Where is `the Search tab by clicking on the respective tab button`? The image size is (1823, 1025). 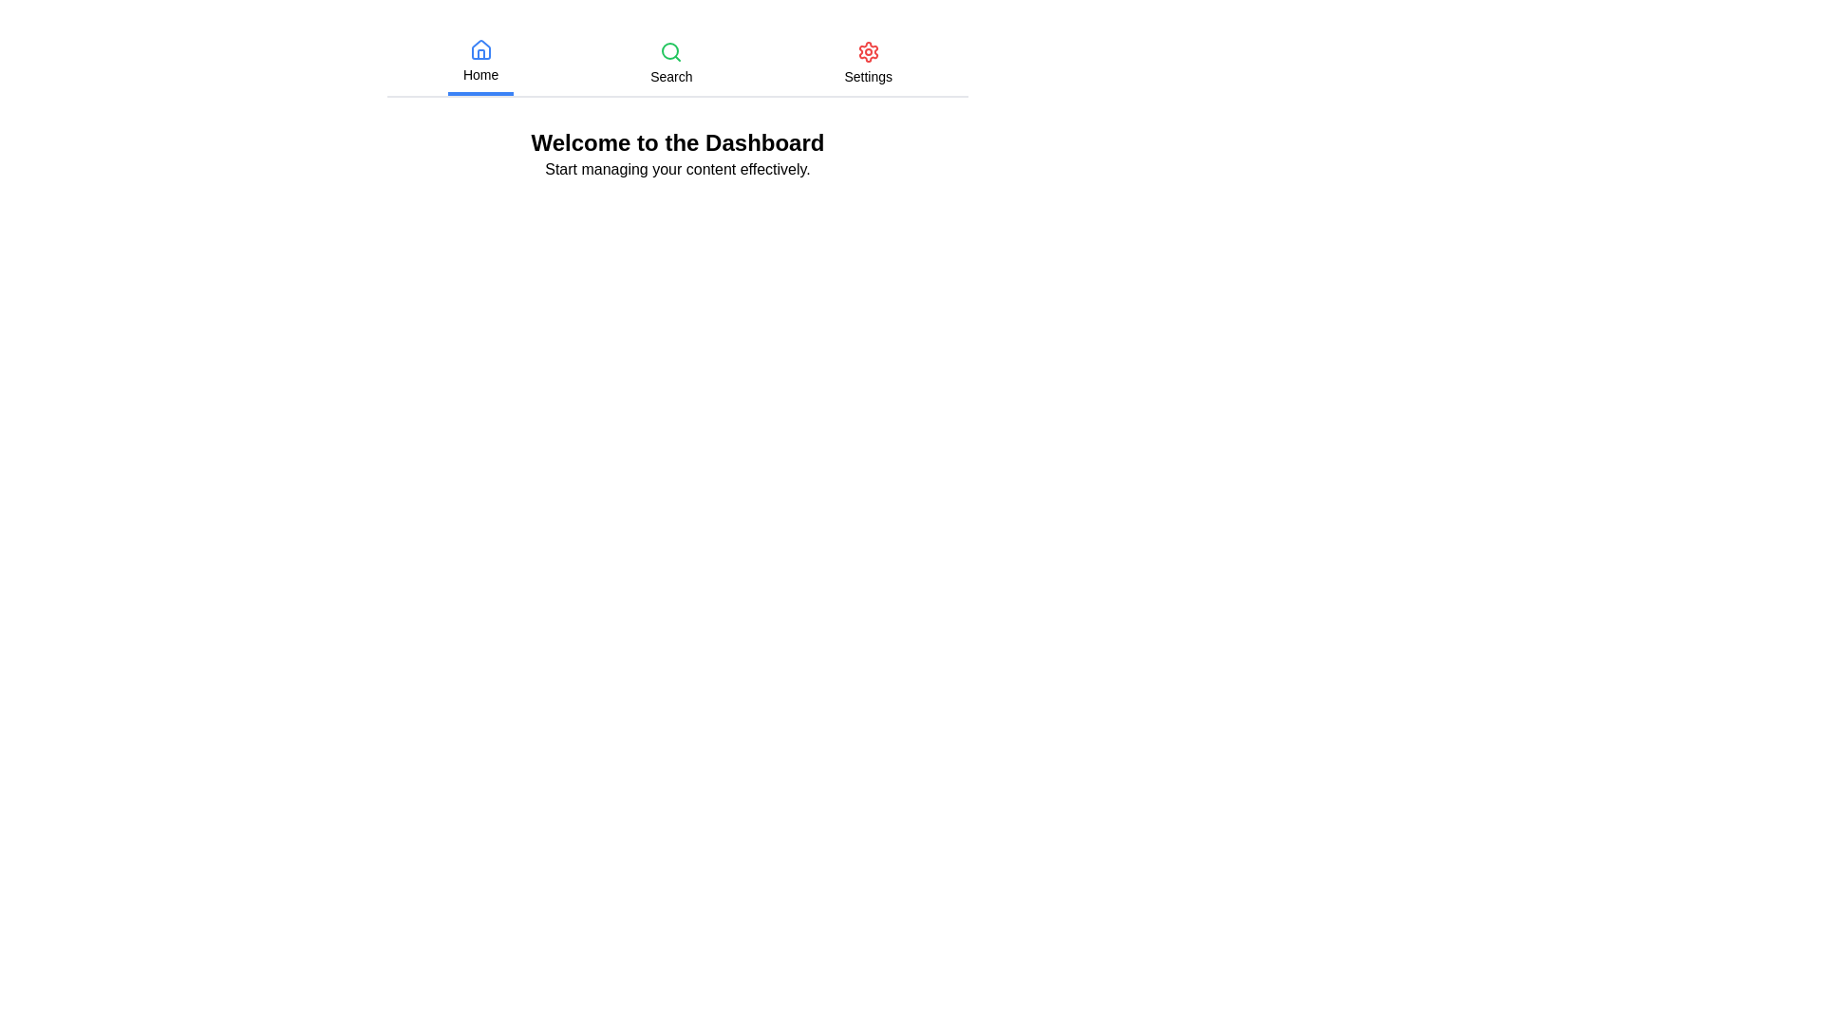 the Search tab by clicking on the respective tab button is located at coordinates (671, 62).